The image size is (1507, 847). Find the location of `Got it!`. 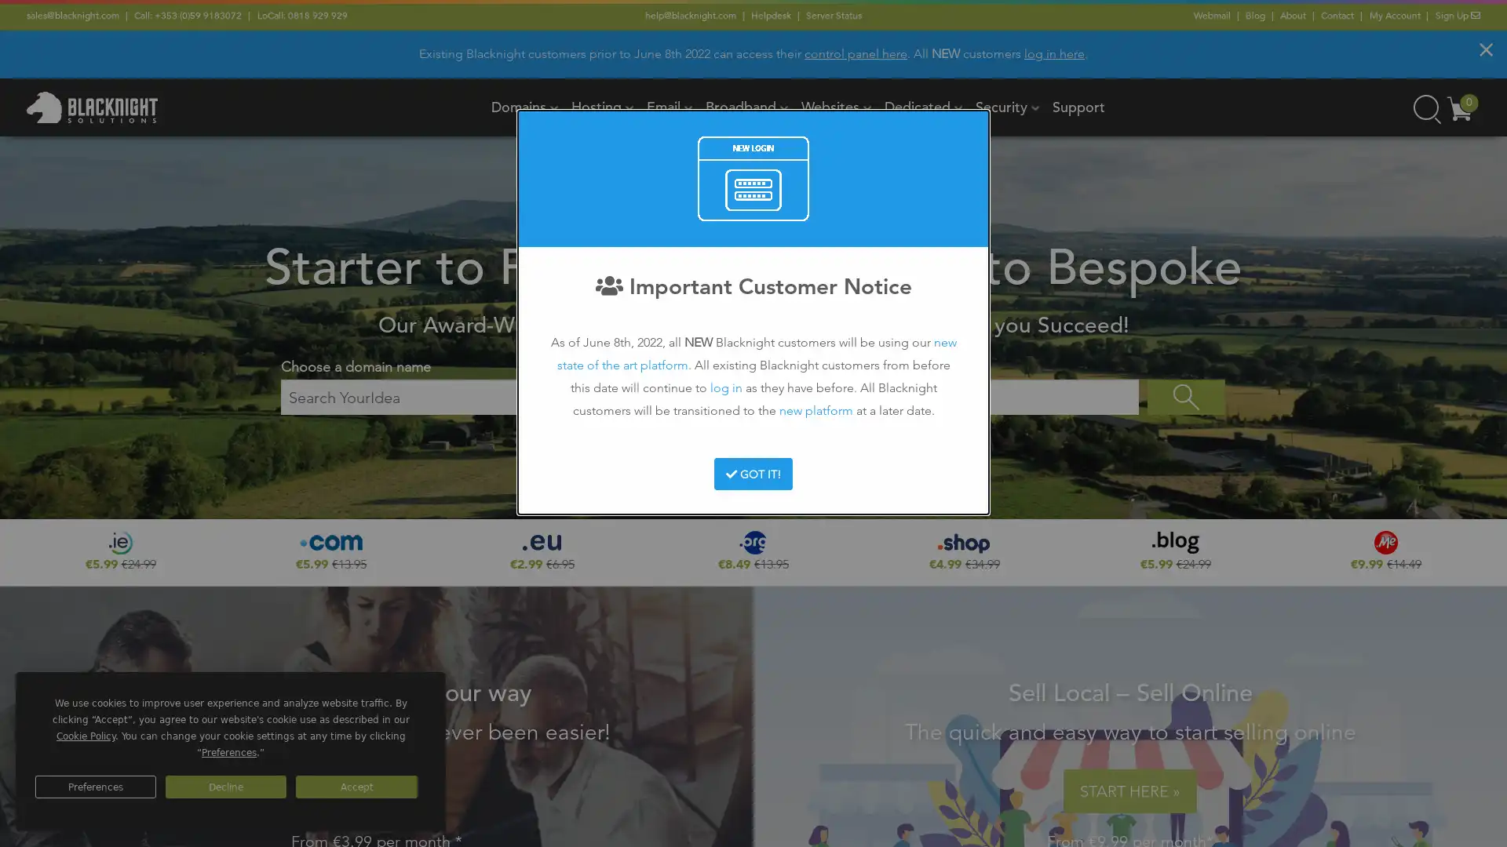

Got it! is located at coordinates (752, 473).